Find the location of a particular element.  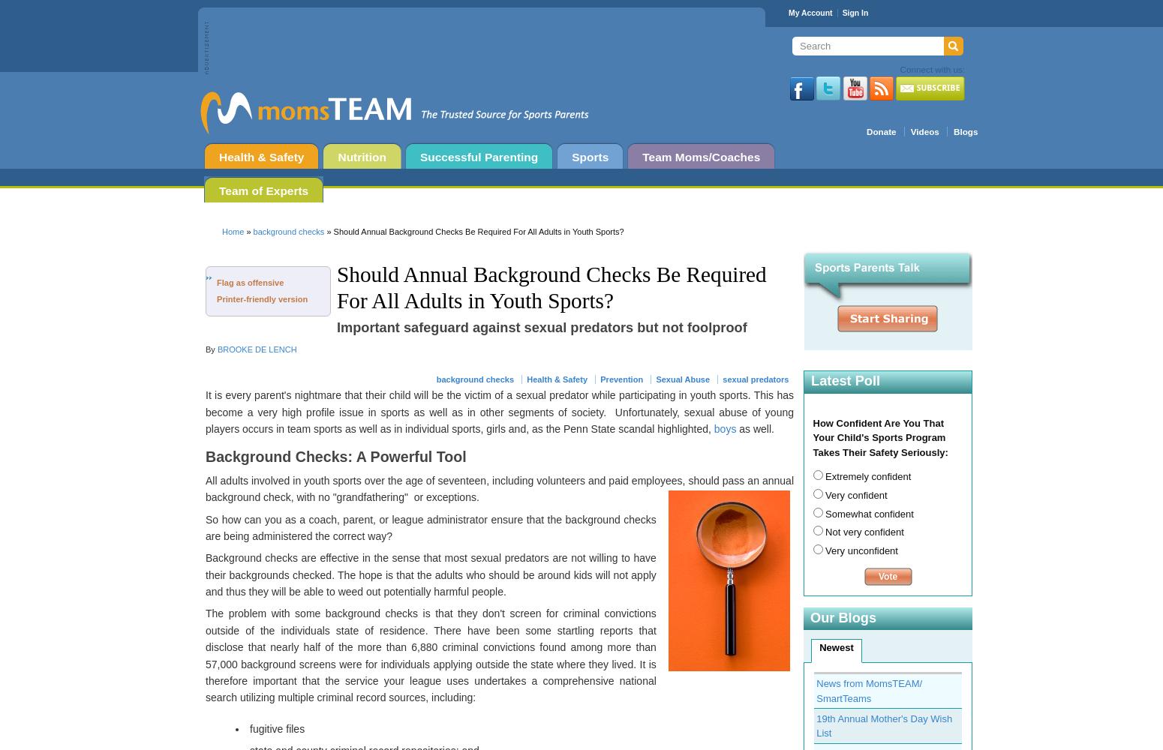

'Team of Experts' is located at coordinates (263, 190).